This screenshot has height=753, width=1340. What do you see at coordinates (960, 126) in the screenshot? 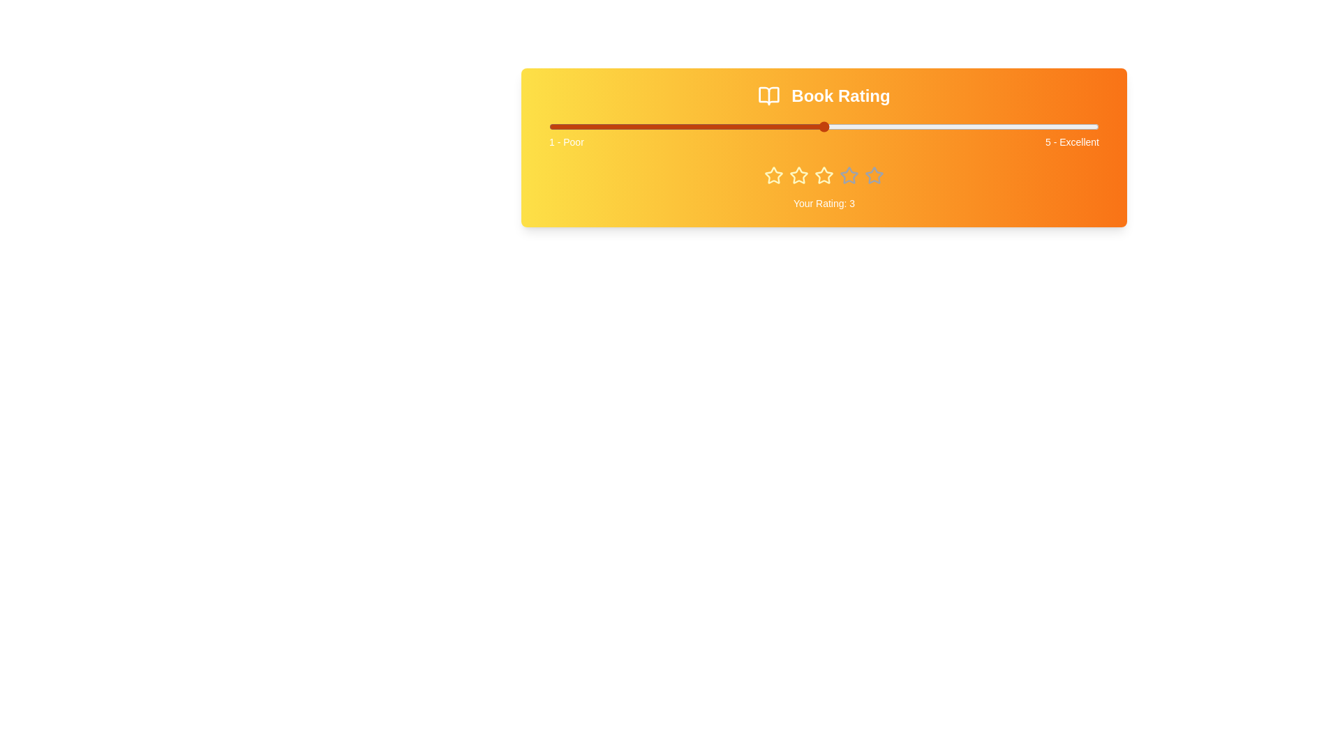
I see `the book rating slider` at bounding box center [960, 126].